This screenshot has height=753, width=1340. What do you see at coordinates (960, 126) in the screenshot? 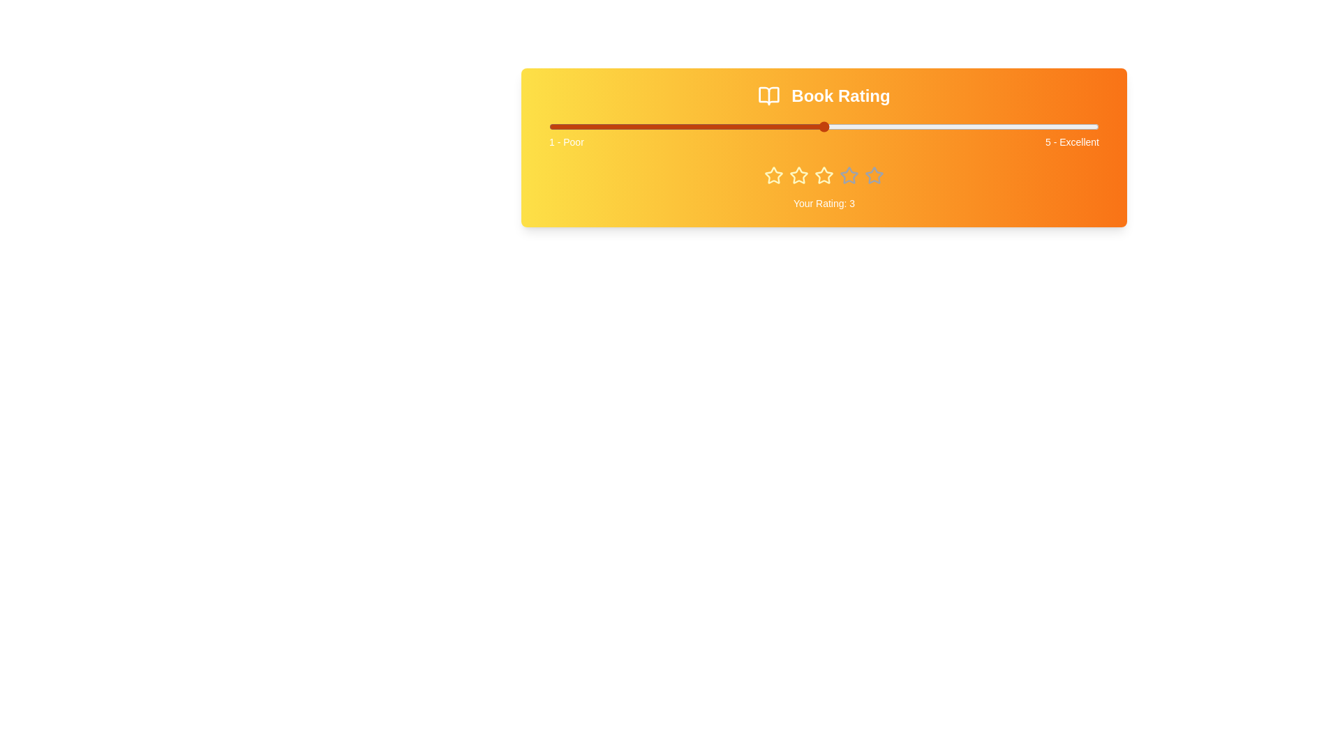
I see `the book rating slider` at bounding box center [960, 126].